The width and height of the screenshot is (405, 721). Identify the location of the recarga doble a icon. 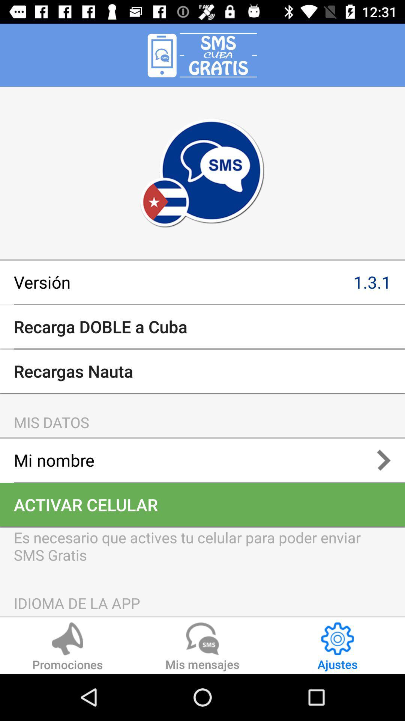
(202, 326).